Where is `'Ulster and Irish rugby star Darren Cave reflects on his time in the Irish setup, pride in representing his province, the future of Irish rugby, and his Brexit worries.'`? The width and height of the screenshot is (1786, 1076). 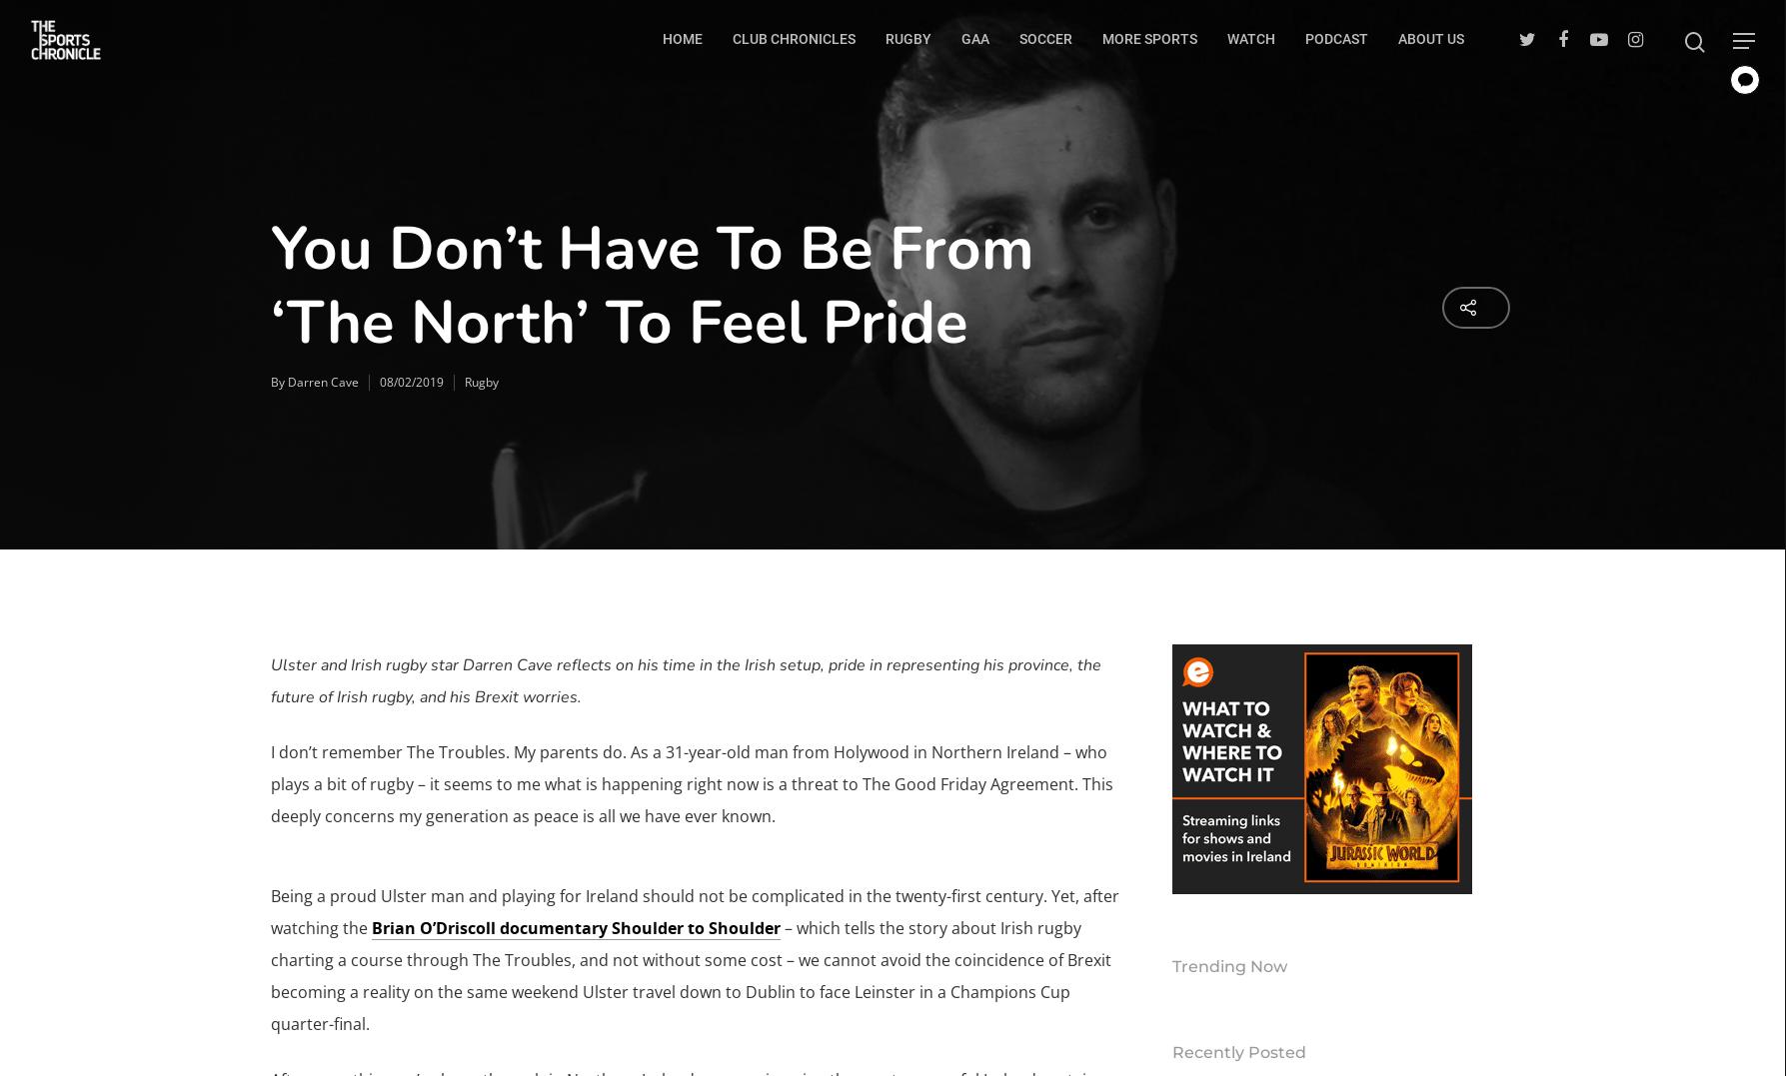 'Ulster and Irish rugby star Darren Cave reflects on his time in the Irish setup, pride in representing his province, the future of Irish rugby, and his Brexit worries.' is located at coordinates (684, 679).